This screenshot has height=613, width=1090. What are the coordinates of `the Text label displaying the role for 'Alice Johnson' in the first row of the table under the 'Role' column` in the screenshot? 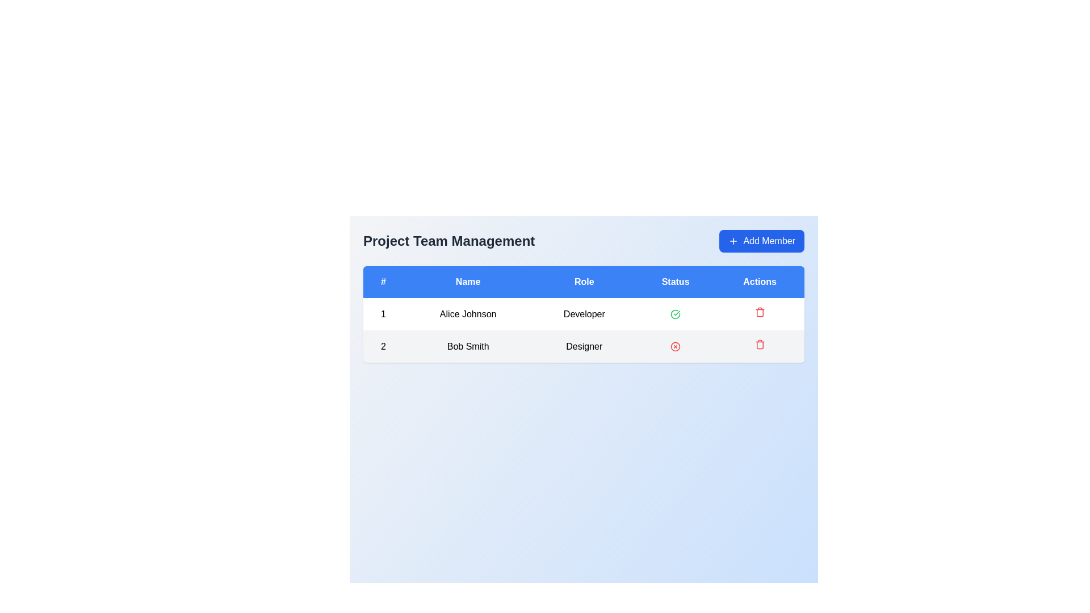 It's located at (584, 314).